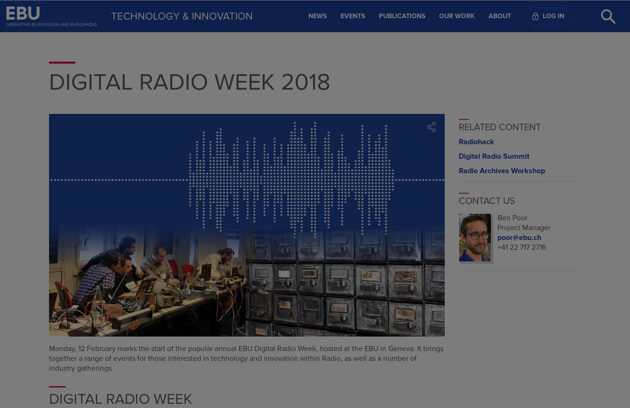 The image size is (630, 408). What do you see at coordinates (493, 155) in the screenshot?
I see `'Digital Radio Summit'` at bounding box center [493, 155].